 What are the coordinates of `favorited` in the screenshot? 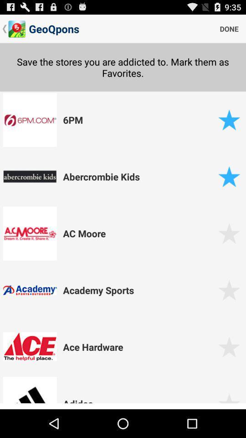 It's located at (229, 176).